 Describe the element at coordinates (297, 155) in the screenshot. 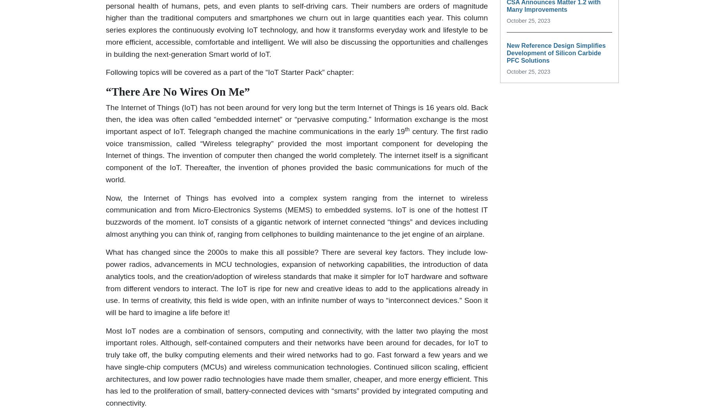

I see `'century. The first radio voice transmission, called “Wireless telegraphy” provided the most important component for developing the Internet of things. The invention of computer then changed the world completely. The internet itself is a significant component of the IoT. Thereafter, the invention of phones provided the basic communications for much of the world.'` at that location.